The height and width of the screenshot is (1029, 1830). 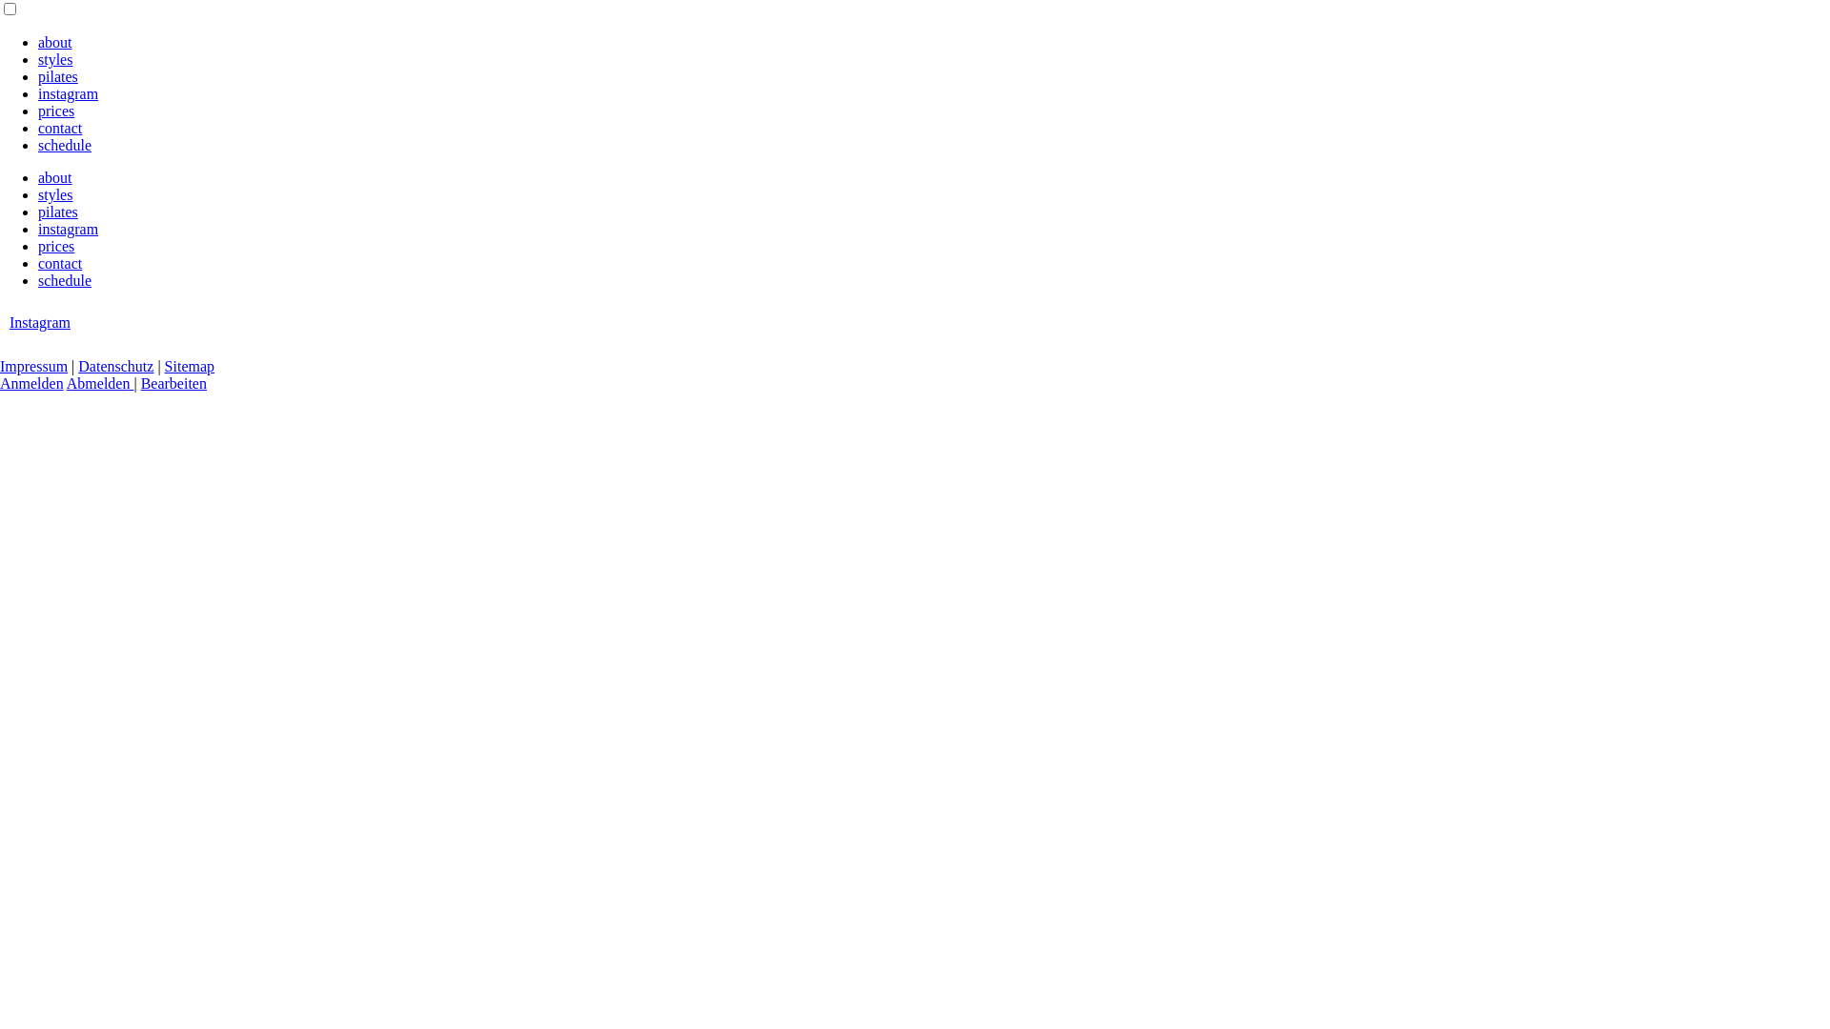 What do you see at coordinates (68, 228) in the screenshot?
I see `'instagram'` at bounding box center [68, 228].